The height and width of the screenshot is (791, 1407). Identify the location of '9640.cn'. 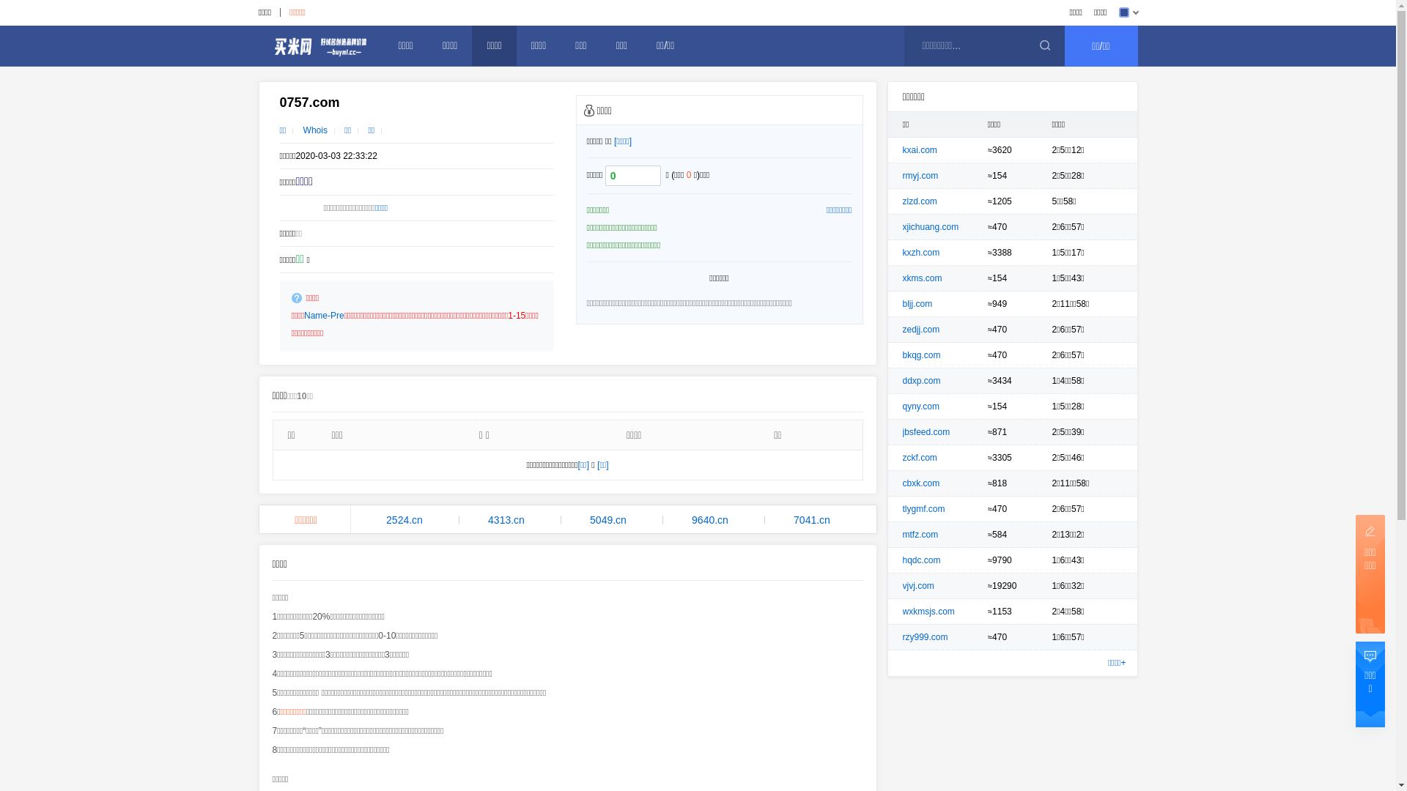
(710, 519).